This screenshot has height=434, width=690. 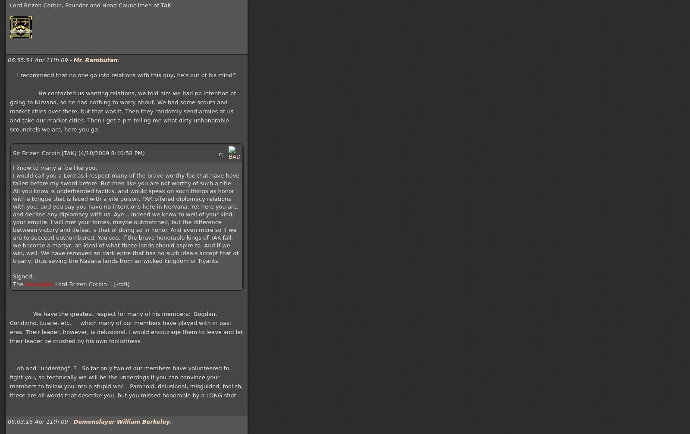 What do you see at coordinates (54, 168) in the screenshot?
I see `'I know to many a foe like you.'` at bounding box center [54, 168].